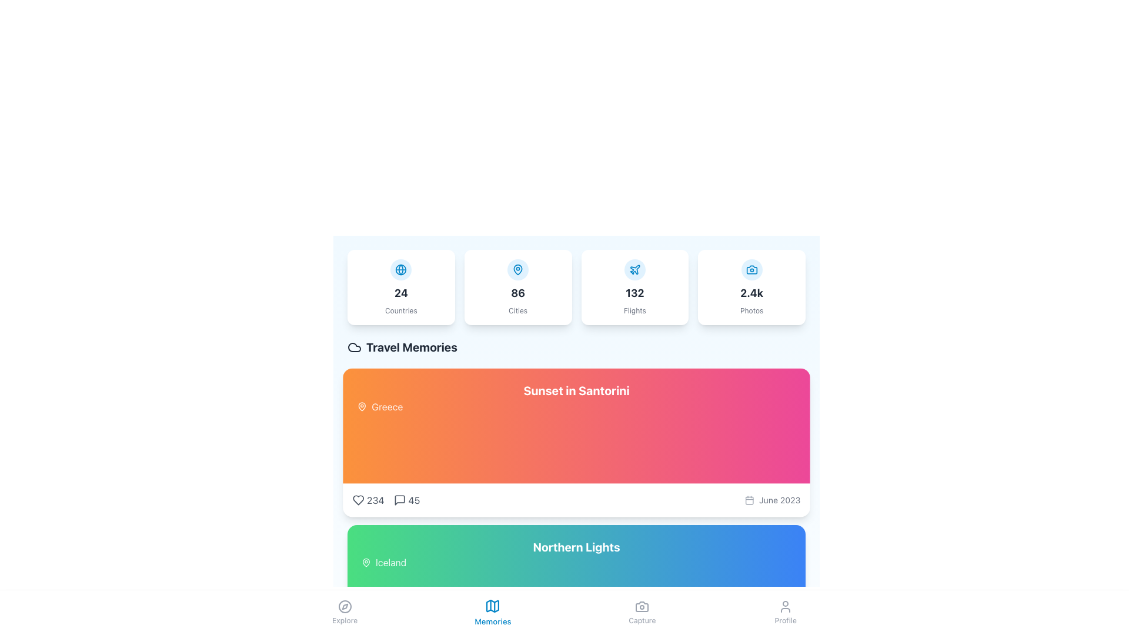  What do you see at coordinates (401, 288) in the screenshot?
I see `the Informational Card that displays a summary statistic about the number of countries associated with the user, located in the upper-left corner of the grid layout` at bounding box center [401, 288].